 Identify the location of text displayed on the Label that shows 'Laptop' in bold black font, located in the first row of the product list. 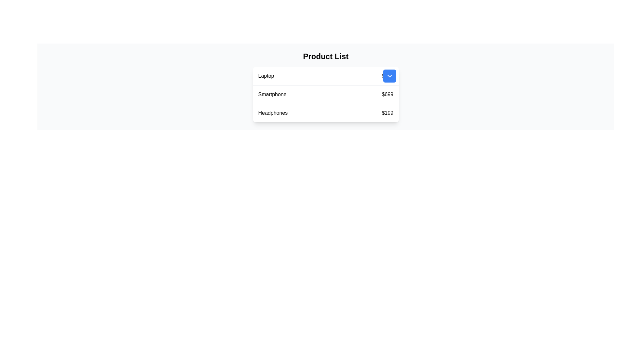
(266, 76).